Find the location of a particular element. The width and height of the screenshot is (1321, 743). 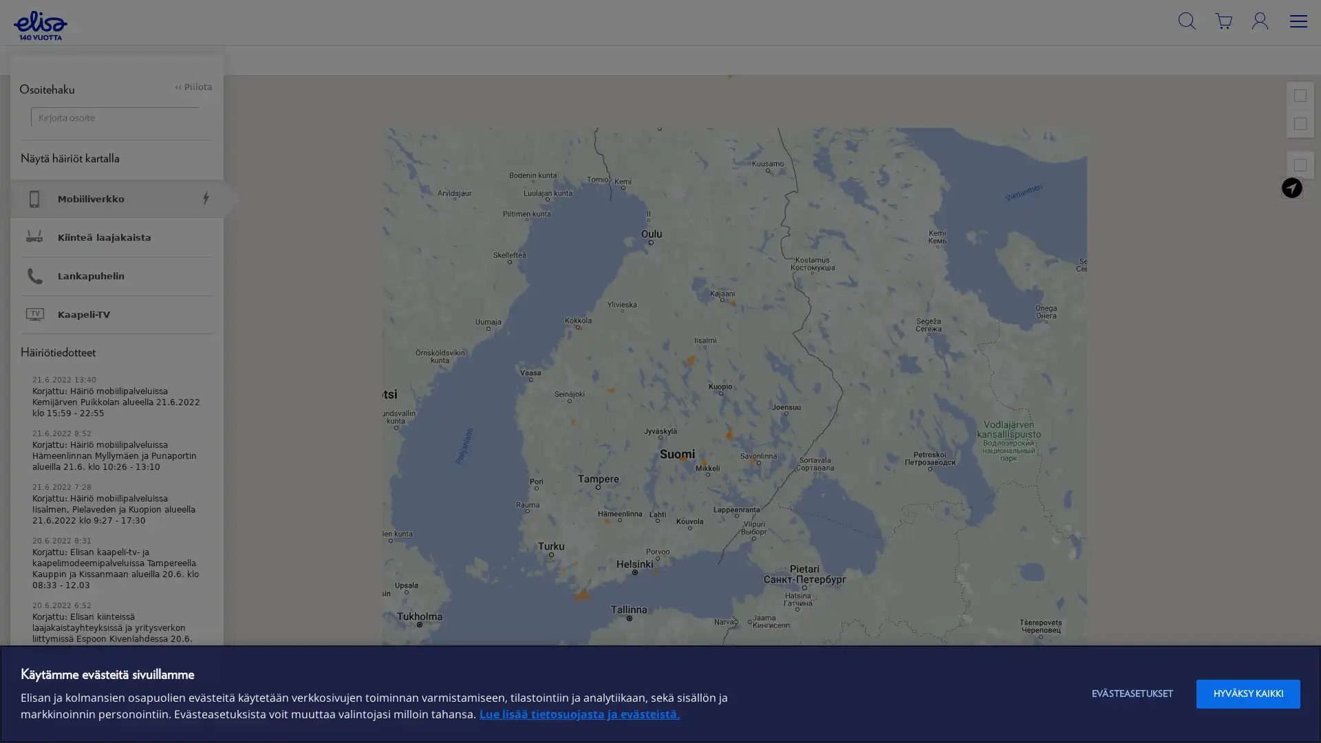

Koko nayton nakyma paalle/pois is located at coordinates (1300, 164).